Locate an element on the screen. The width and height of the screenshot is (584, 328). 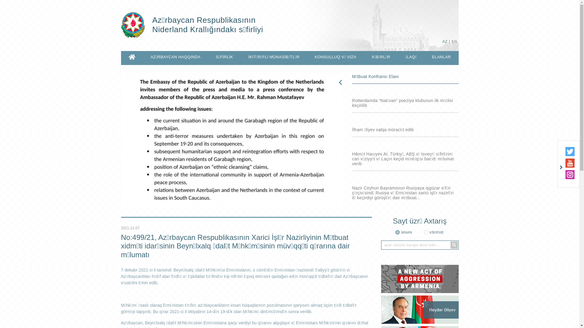
'AZ' is located at coordinates (445, 41).